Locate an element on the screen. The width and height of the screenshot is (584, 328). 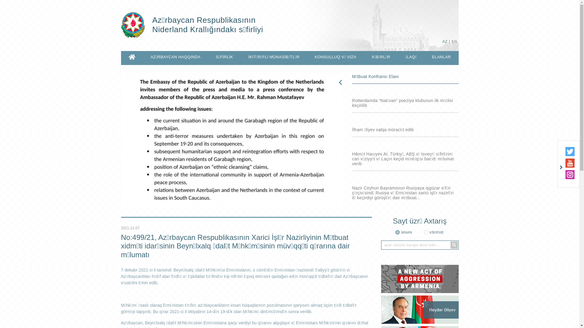
'AZ' is located at coordinates (445, 41).